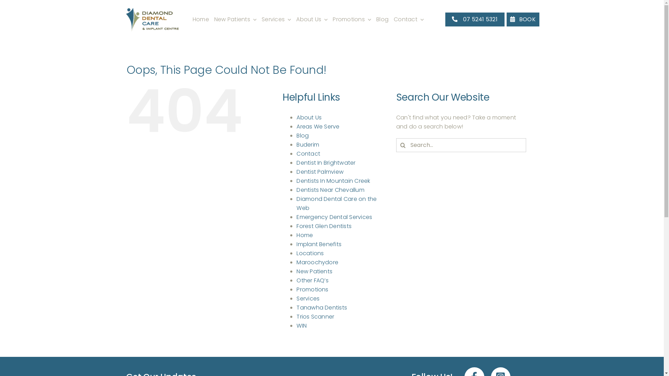 This screenshot has width=669, height=376. I want to click on '07 5241 5321', so click(475, 19).